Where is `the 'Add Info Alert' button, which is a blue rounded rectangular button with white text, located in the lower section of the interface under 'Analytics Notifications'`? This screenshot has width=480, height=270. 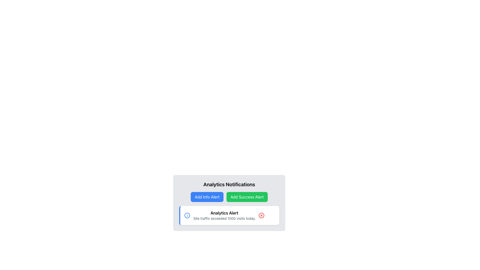 the 'Add Info Alert' button, which is a blue rounded rectangular button with white text, located in the lower section of the interface under 'Analytics Notifications' is located at coordinates (207, 196).